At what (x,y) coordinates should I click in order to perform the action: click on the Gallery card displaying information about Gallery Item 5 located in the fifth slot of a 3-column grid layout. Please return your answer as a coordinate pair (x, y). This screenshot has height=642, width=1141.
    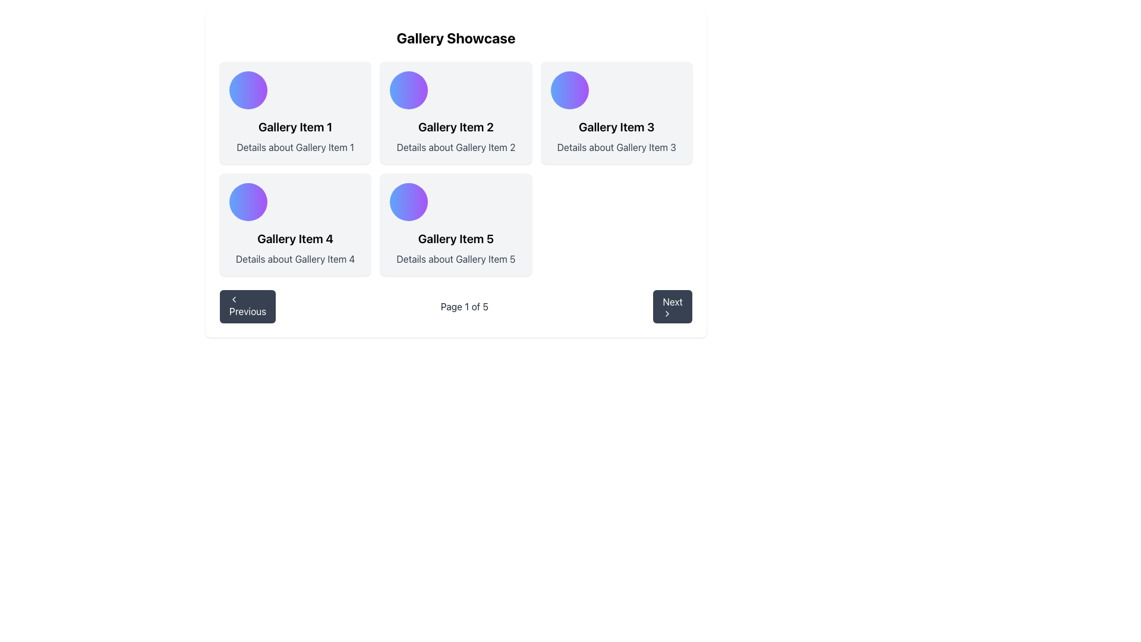
    Looking at the image, I should click on (455, 225).